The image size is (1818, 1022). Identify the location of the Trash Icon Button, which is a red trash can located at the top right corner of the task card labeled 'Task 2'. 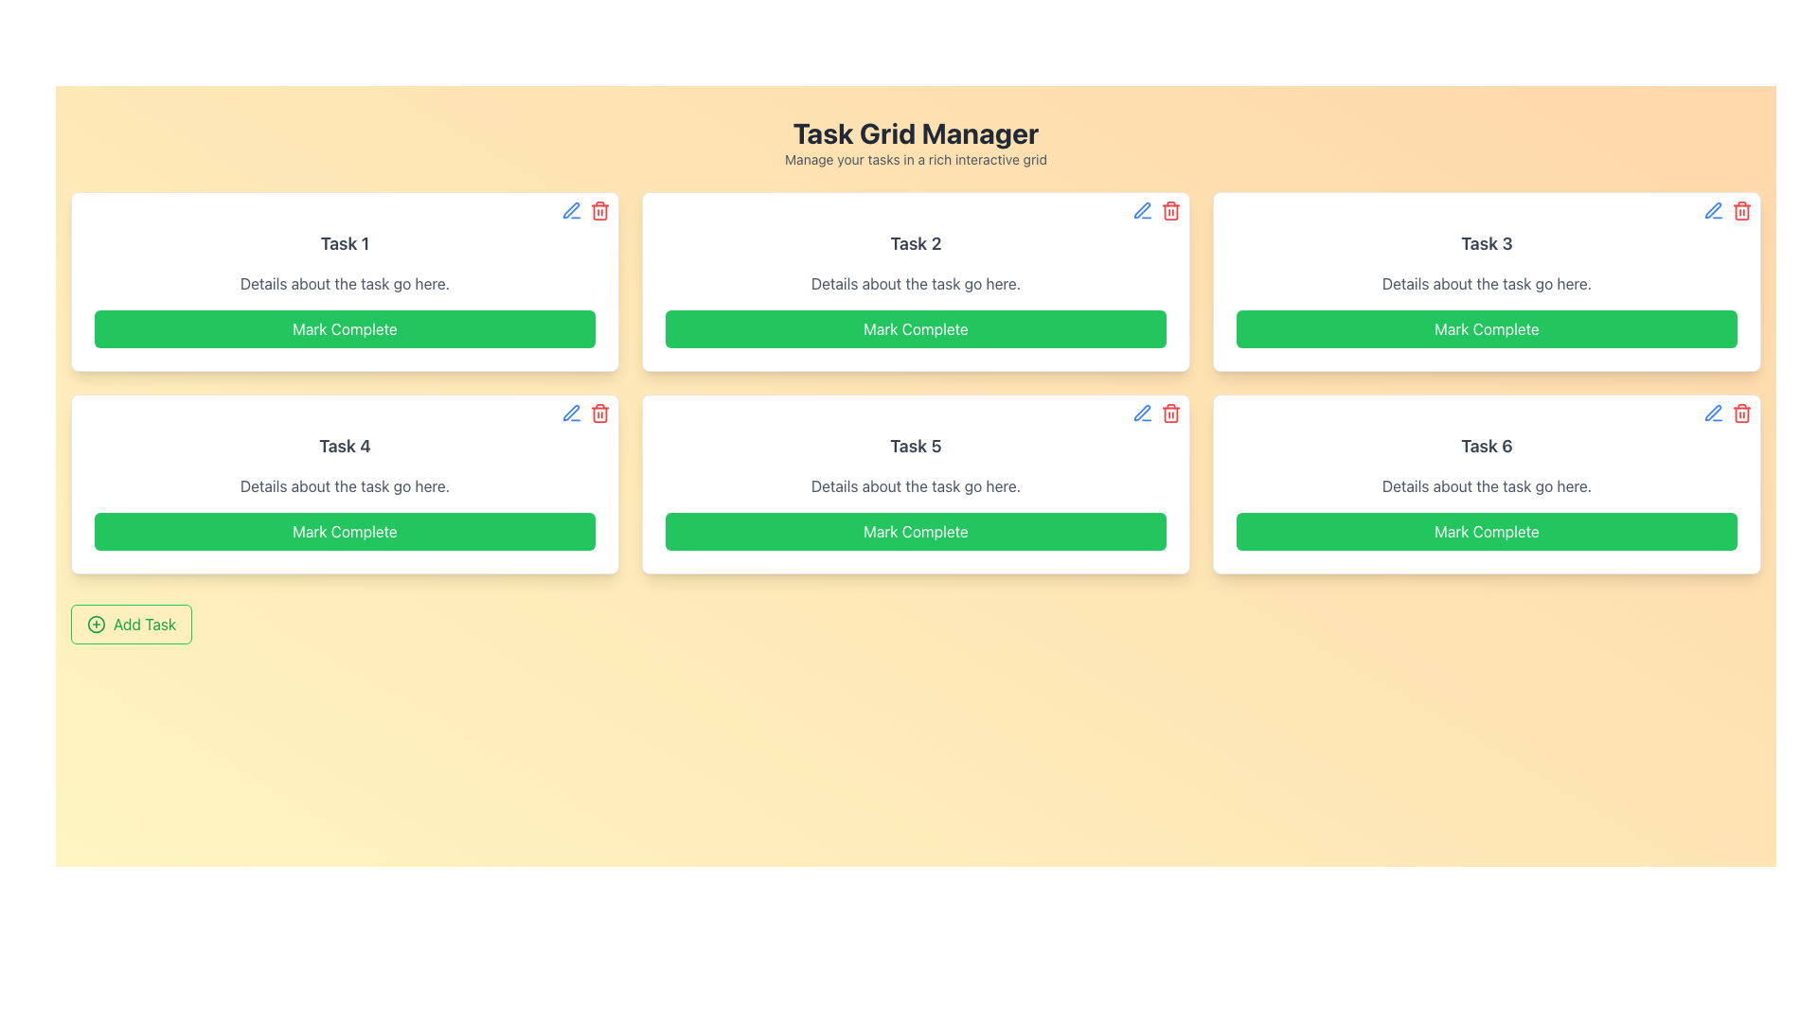
(1170, 211).